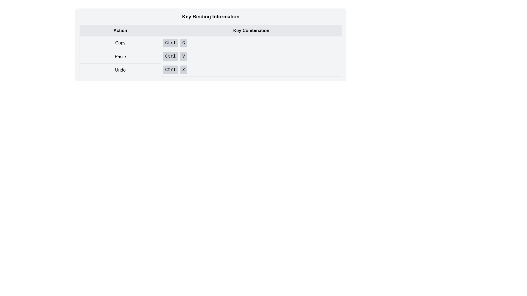  What do you see at coordinates (170, 43) in the screenshot?
I see `the static text label indicating the 'Ctrl' key in the 'Key Binding Information' table, which serves as an informative visual indicator for the 'Copy' action` at bounding box center [170, 43].